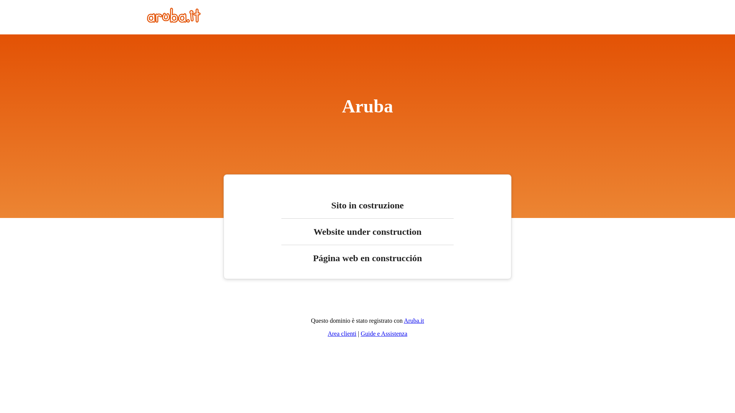 This screenshot has height=413, width=735. Describe the element at coordinates (341, 333) in the screenshot. I see `'Area clienti'` at that location.